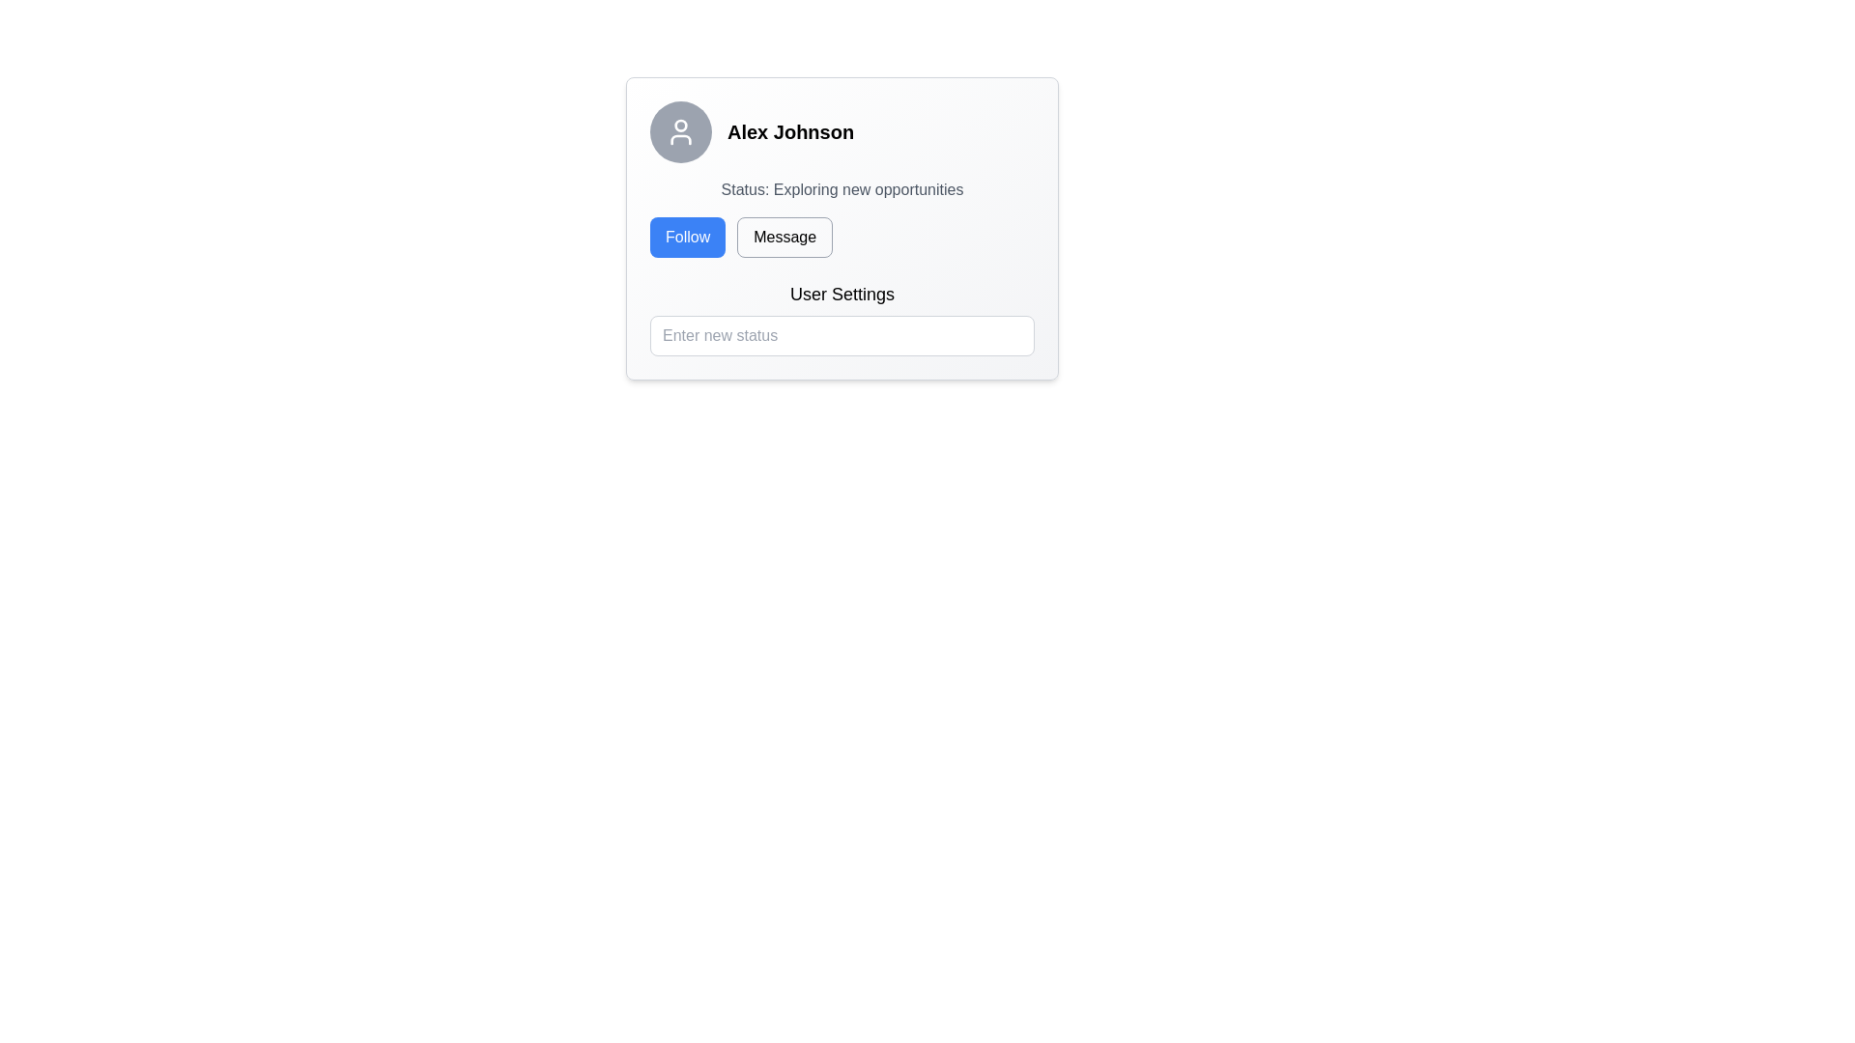 The image size is (1855, 1043). What do you see at coordinates (842, 294) in the screenshot?
I see `the text label that serves as a heading for the section below it, which is centered above the 'Enter new status' input field in the user profile card` at bounding box center [842, 294].